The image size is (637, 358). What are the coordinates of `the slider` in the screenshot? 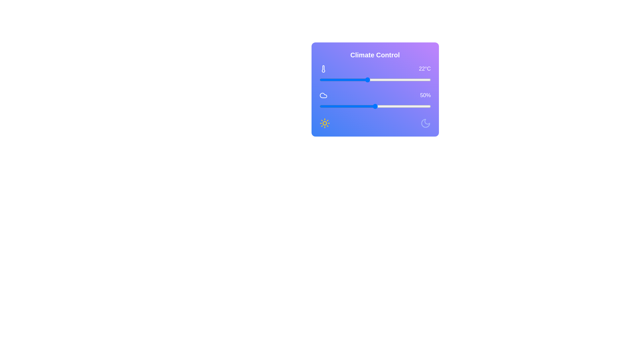 It's located at (416, 95).